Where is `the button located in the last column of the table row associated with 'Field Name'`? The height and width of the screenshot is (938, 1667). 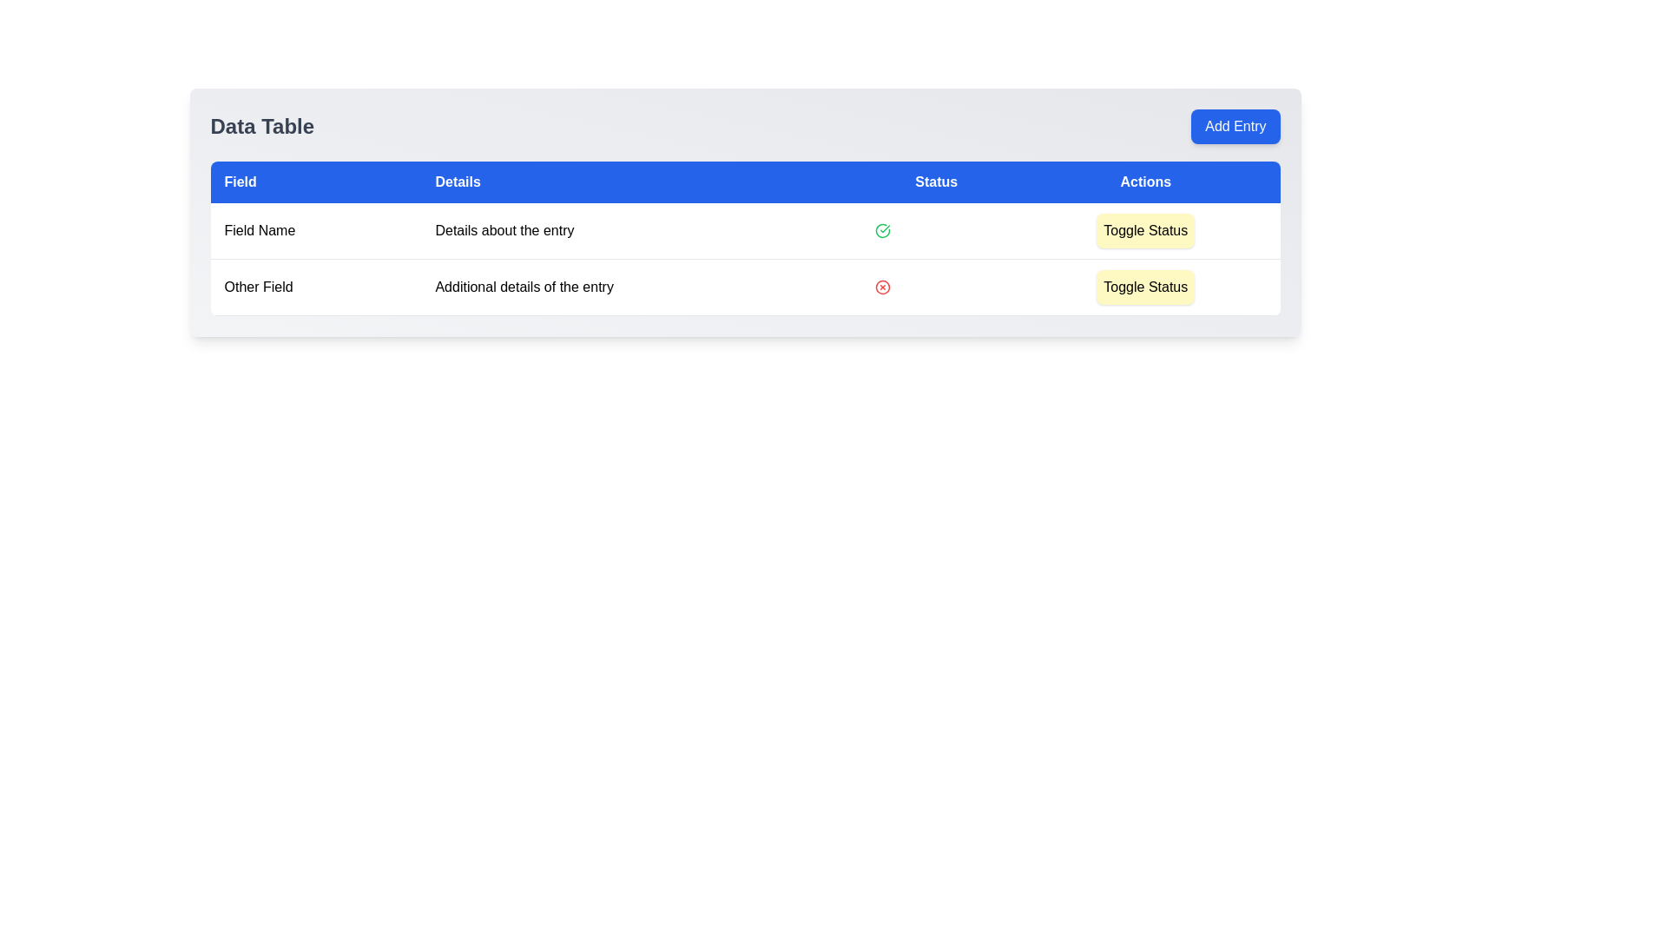 the button located in the last column of the table row associated with 'Field Name' is located at coordinates (1145, 230).